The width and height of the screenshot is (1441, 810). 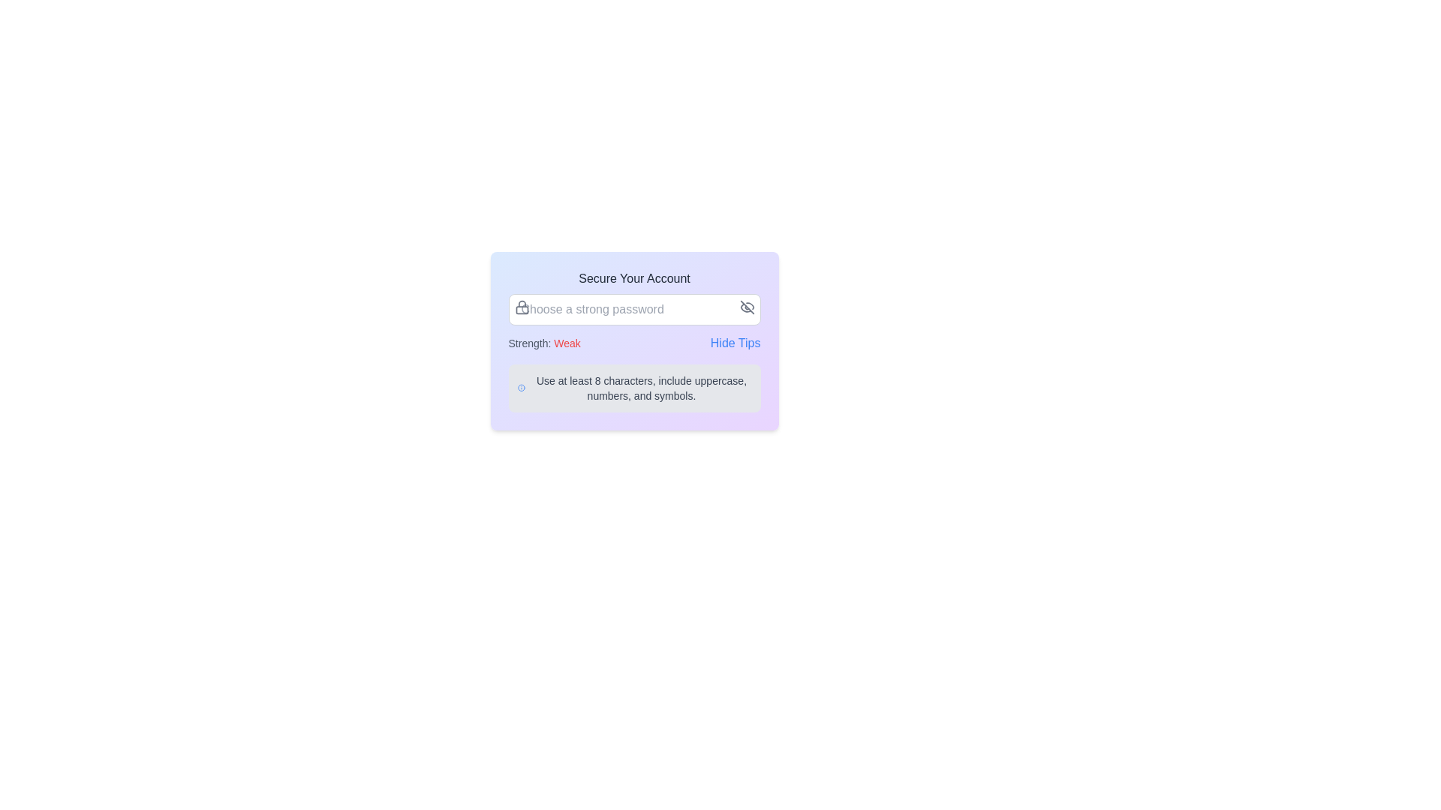 I want to click on the 'Weak' text label indicating password strength, which is centered within the label 'Strength: Weak' at the bottom-center of the interface, so click(x=564, y=343).